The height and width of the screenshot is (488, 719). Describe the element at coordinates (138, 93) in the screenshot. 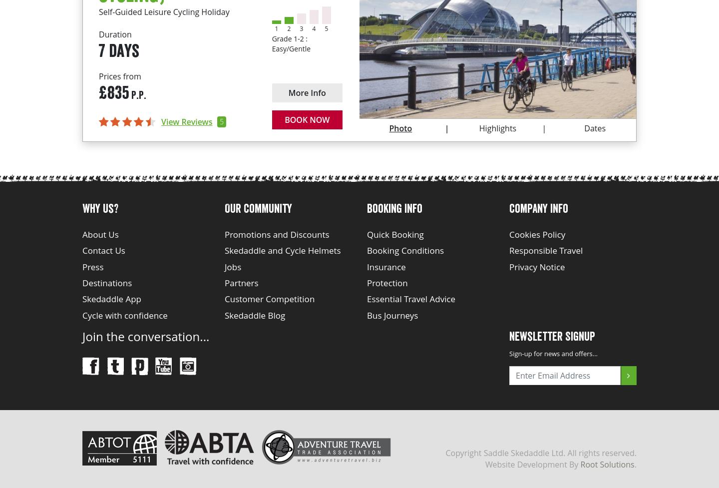

I see `'P.P.'` at that location.